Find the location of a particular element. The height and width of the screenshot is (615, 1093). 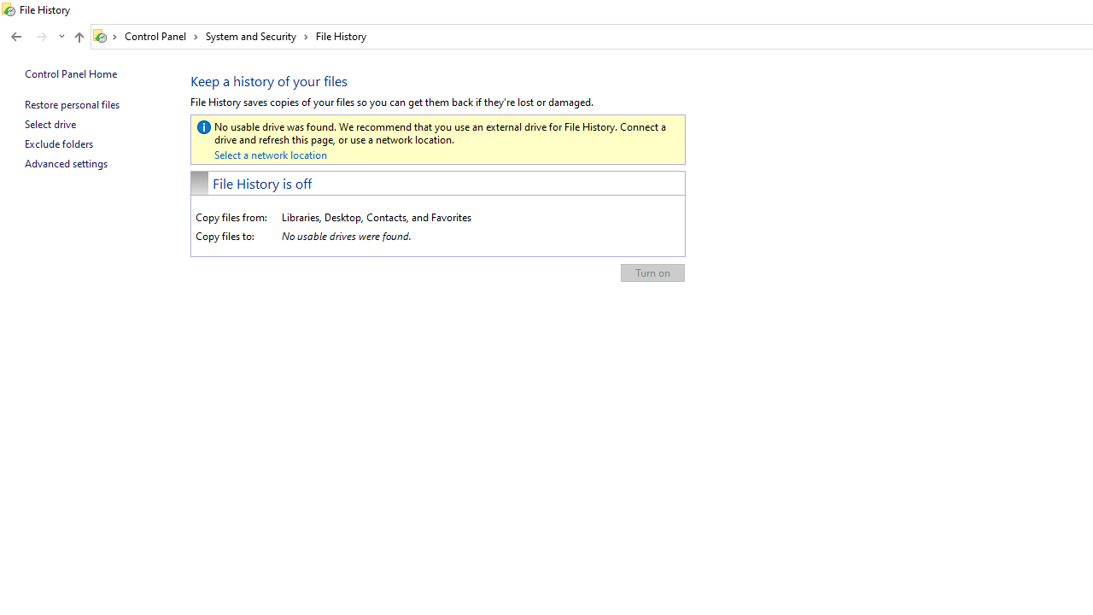

'Exclude folders' is located at coordinates (59, 143).